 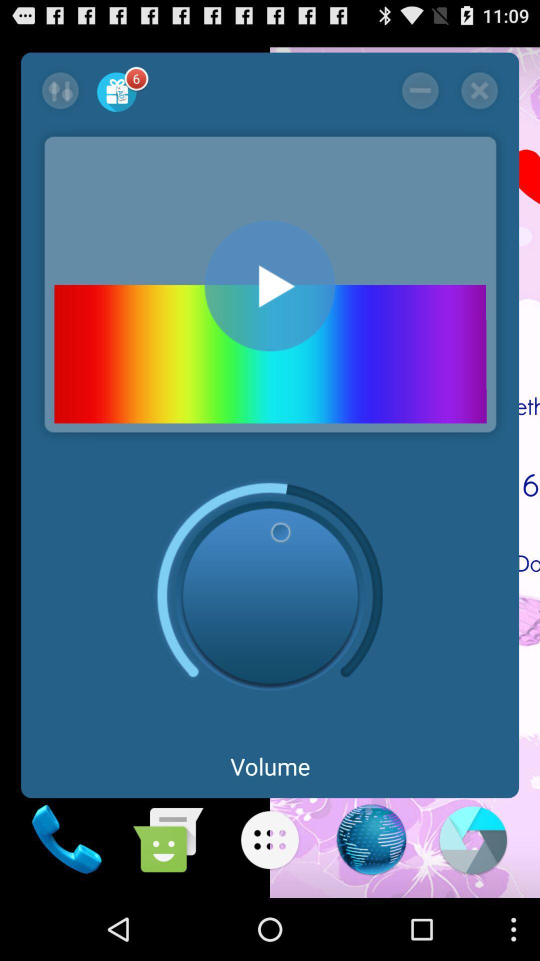 I want to click on the sliders icon, so click(x=60, y=97).